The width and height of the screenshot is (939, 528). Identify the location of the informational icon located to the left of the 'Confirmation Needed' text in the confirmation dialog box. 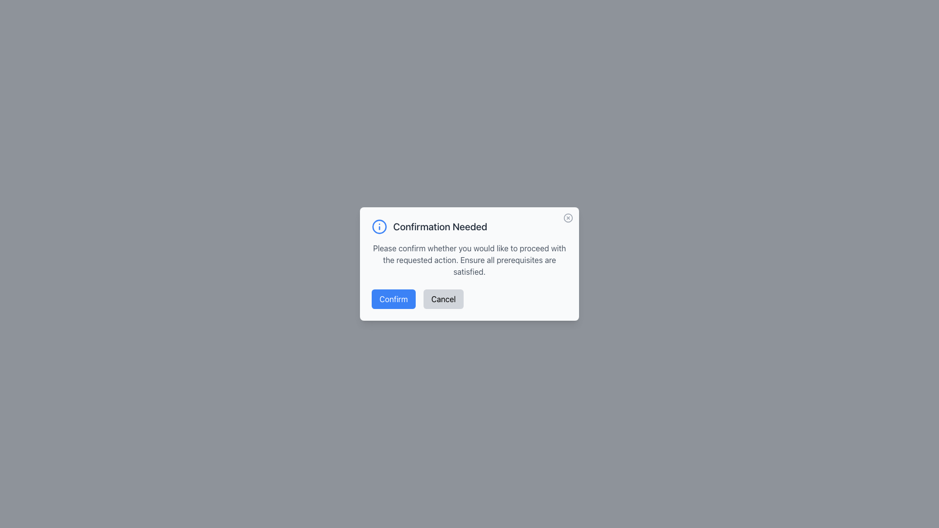
(379, 226).